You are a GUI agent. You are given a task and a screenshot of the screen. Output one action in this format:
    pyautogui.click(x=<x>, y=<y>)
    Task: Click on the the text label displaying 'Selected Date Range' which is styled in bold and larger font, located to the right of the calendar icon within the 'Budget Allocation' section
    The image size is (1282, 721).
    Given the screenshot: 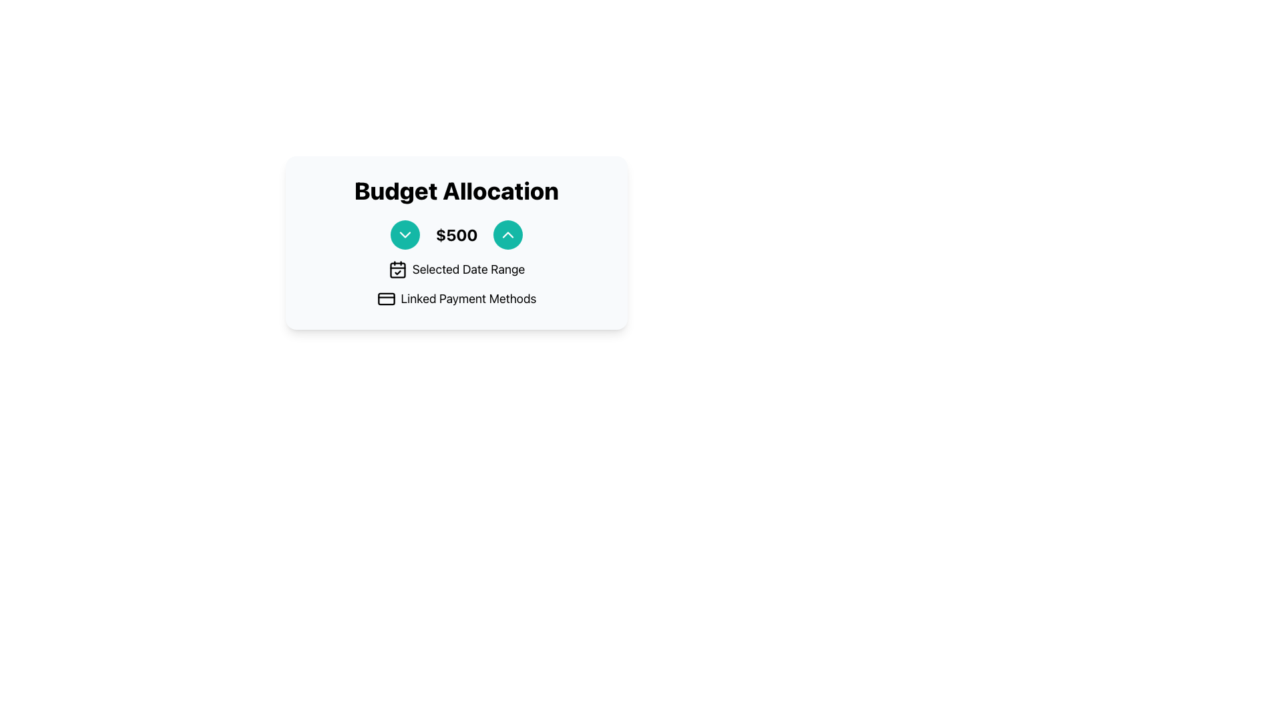 What is the action you would take?
    pyautogui.click(x=468, y=270)
    